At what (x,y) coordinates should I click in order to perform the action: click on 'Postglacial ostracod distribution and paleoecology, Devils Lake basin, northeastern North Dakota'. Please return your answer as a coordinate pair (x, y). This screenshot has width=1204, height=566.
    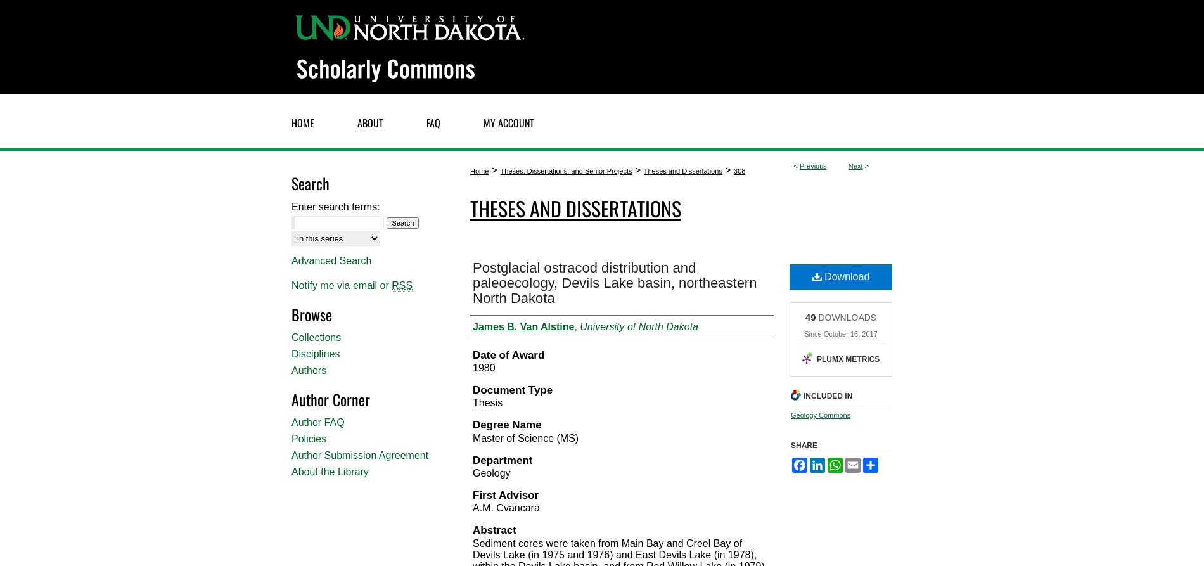
    Looking at the image, I should click on (614, 282).